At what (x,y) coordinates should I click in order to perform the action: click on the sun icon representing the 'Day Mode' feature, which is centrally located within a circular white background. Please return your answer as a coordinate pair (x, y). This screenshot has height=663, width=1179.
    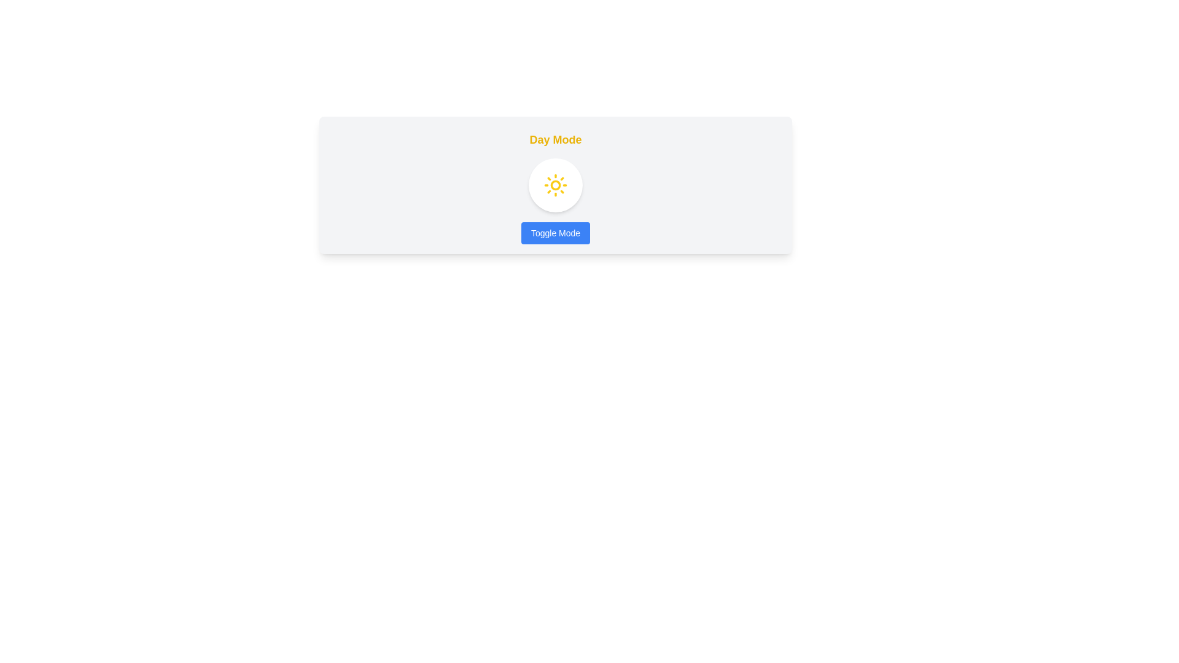
    Looking at the image, I should click on (555, 185).